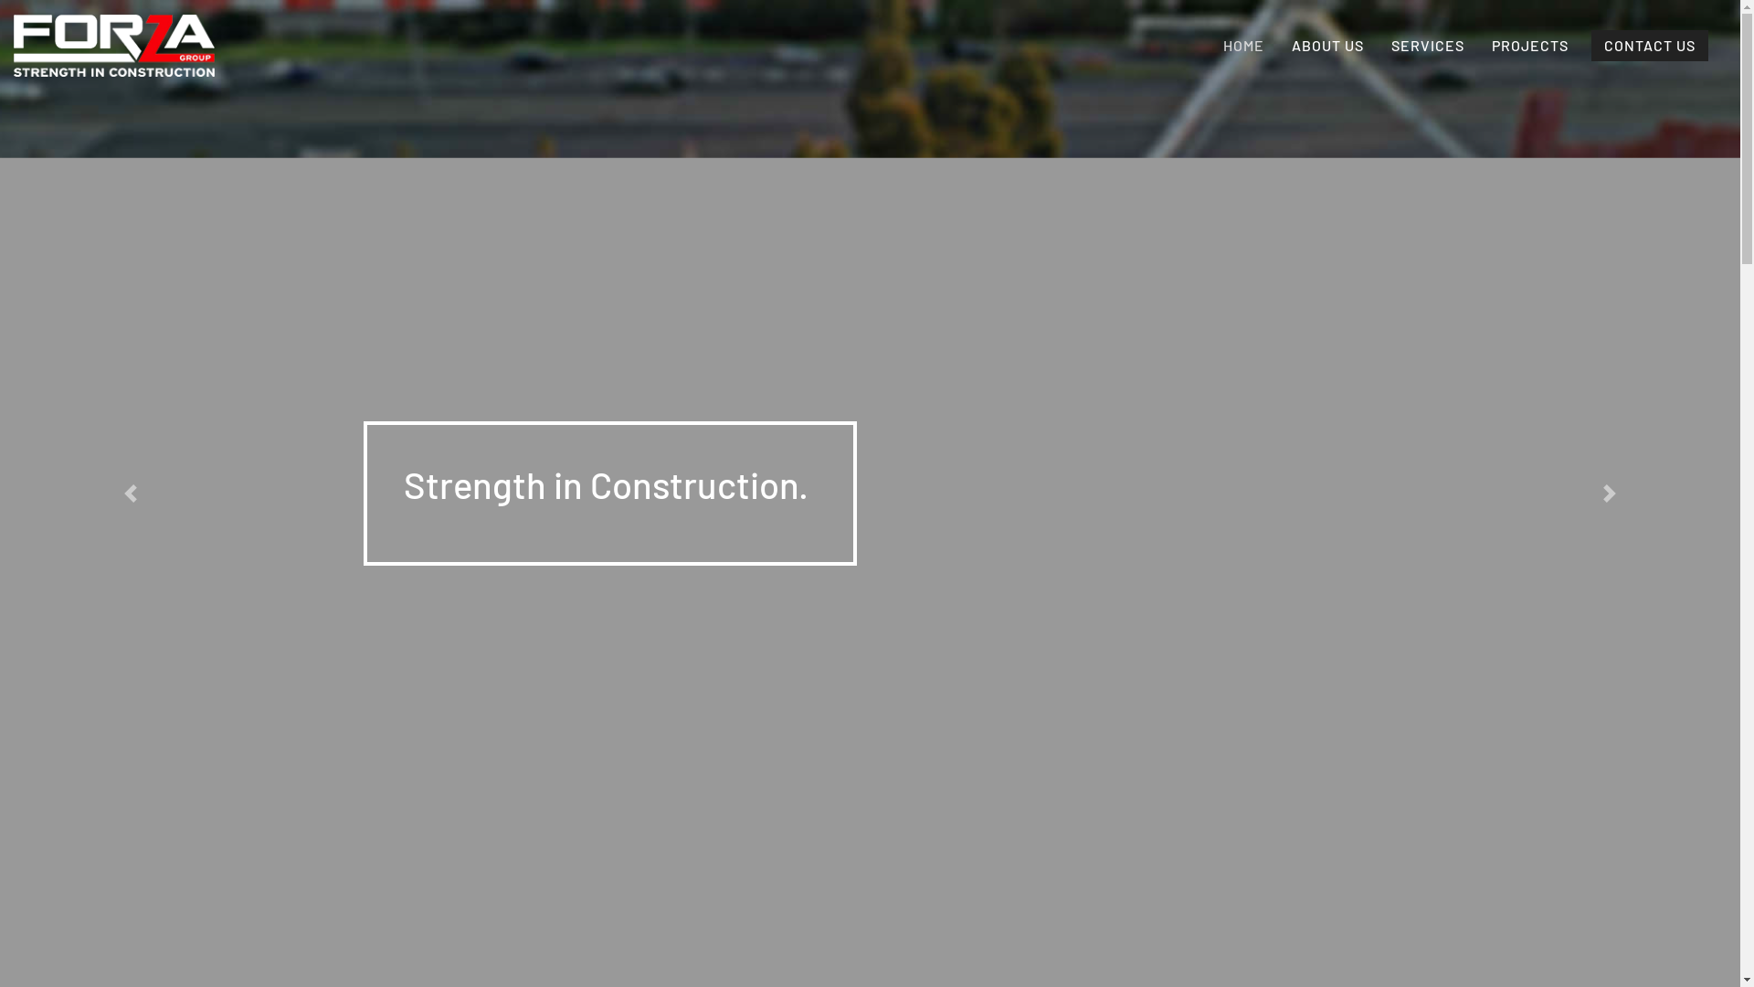 The width and height of the screenshot is (1754, 987). Describe the element at coordinates (1242, 45) in the screenshot. I see `'HOME'` at that location.